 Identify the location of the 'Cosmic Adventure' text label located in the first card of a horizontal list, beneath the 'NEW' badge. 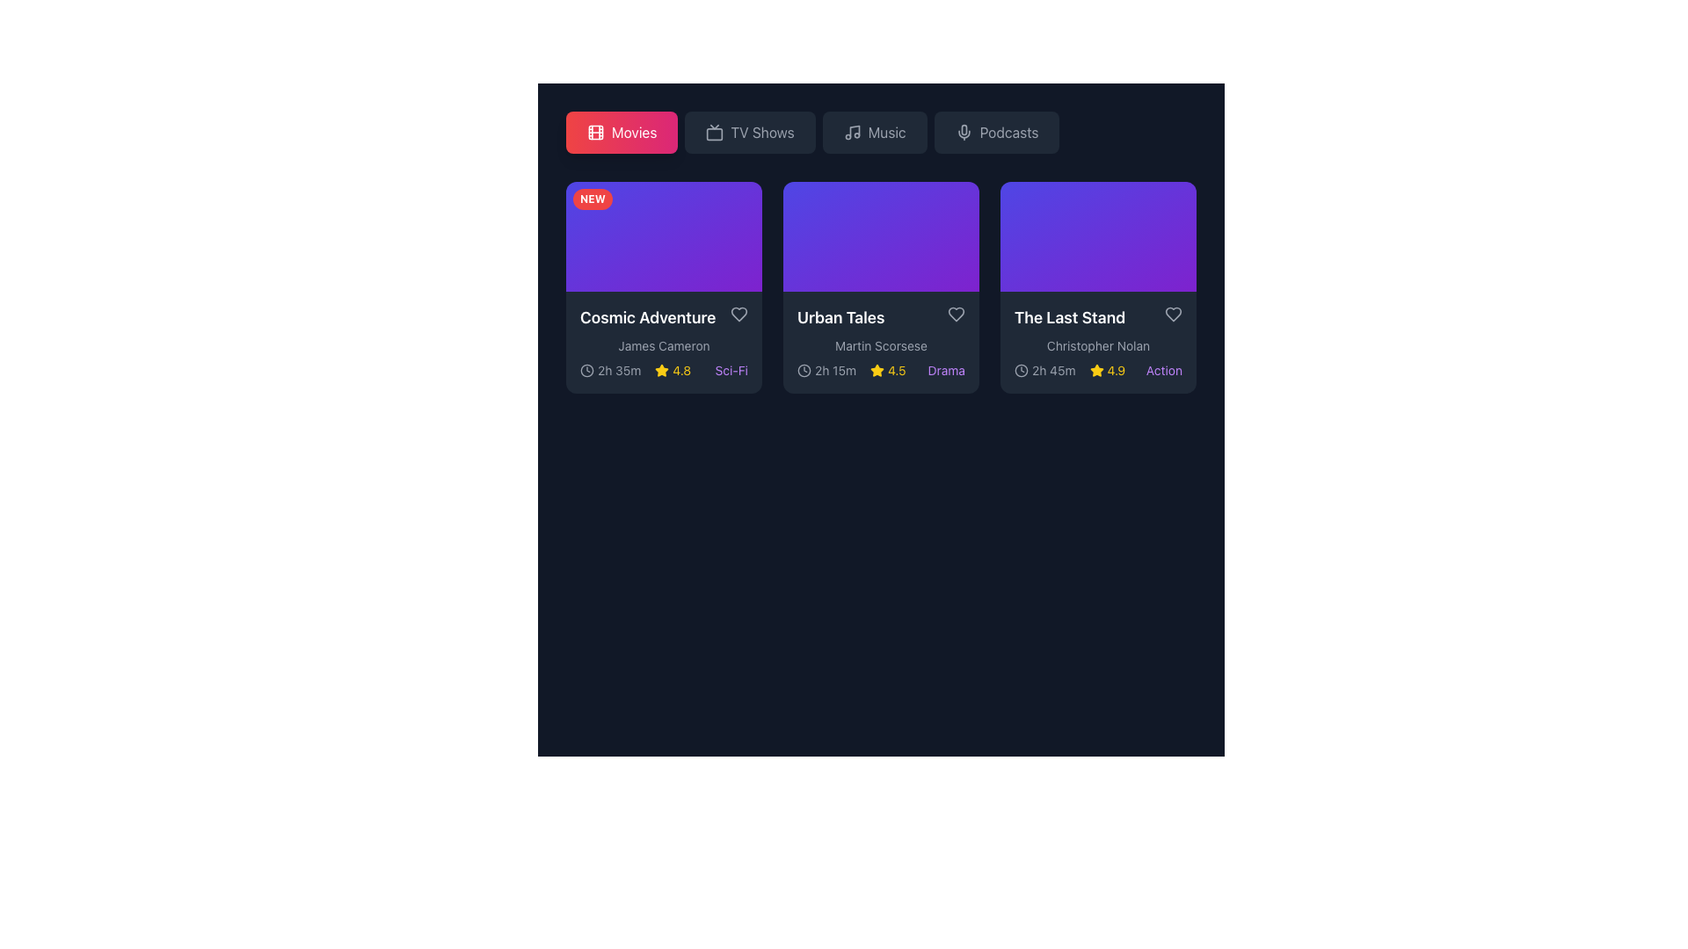
(663, 318).